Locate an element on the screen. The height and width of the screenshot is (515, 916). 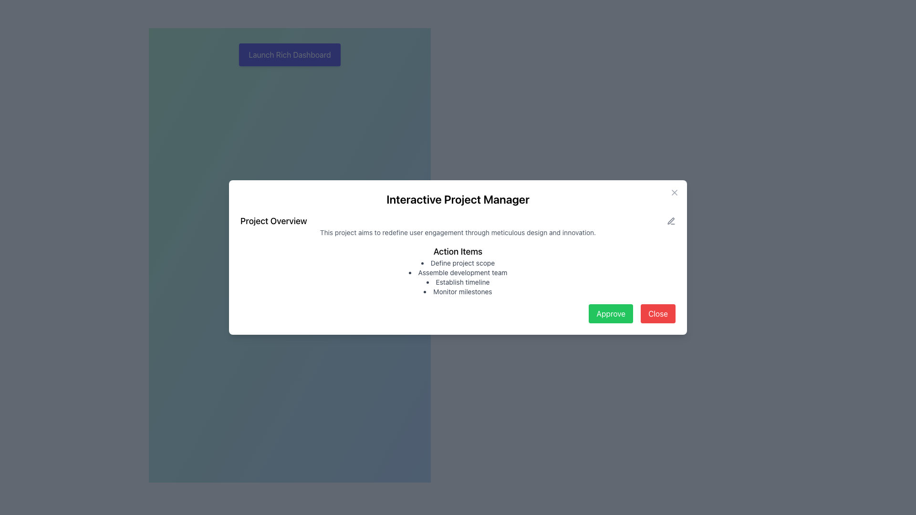
the header text label that indicates the section's content, located at the top-left corner of the card is located at coordinates (273, 221).